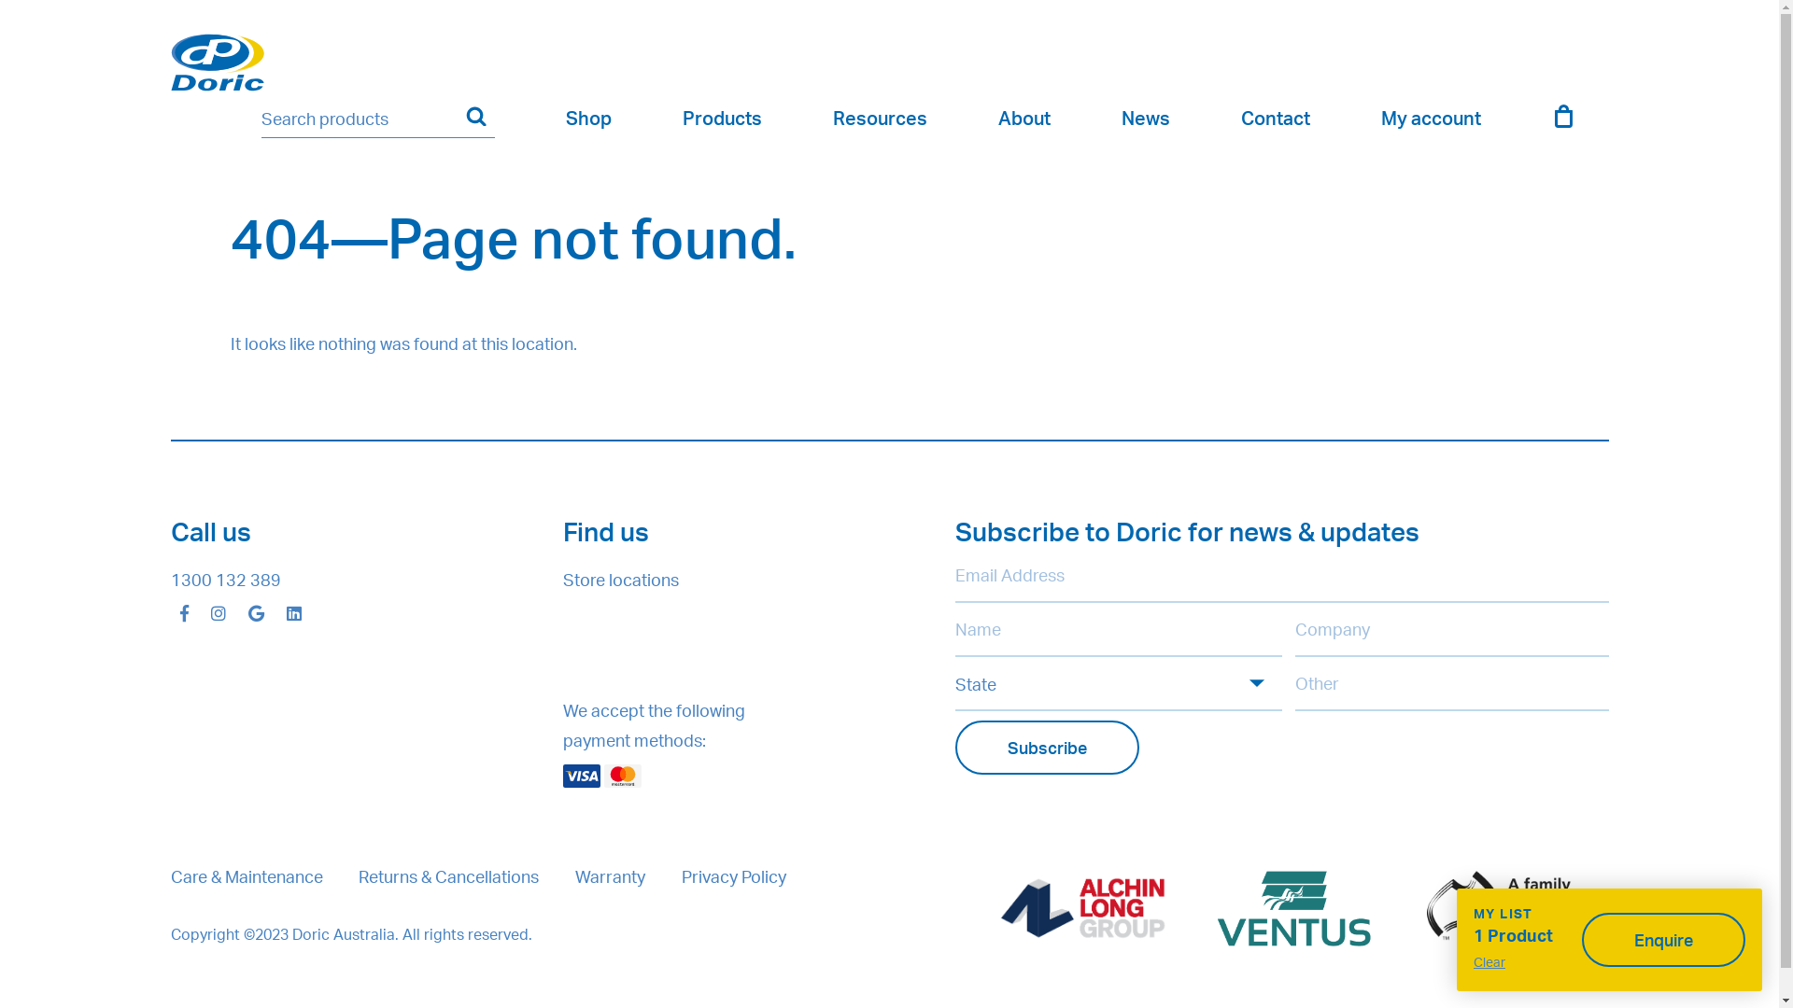 The height and width of the screenshot is (1008, 1793). What do you see at coordinates (1046, 747) in the screenshot?
I see `'Subscribe'` at bounding box center [1046, 747].